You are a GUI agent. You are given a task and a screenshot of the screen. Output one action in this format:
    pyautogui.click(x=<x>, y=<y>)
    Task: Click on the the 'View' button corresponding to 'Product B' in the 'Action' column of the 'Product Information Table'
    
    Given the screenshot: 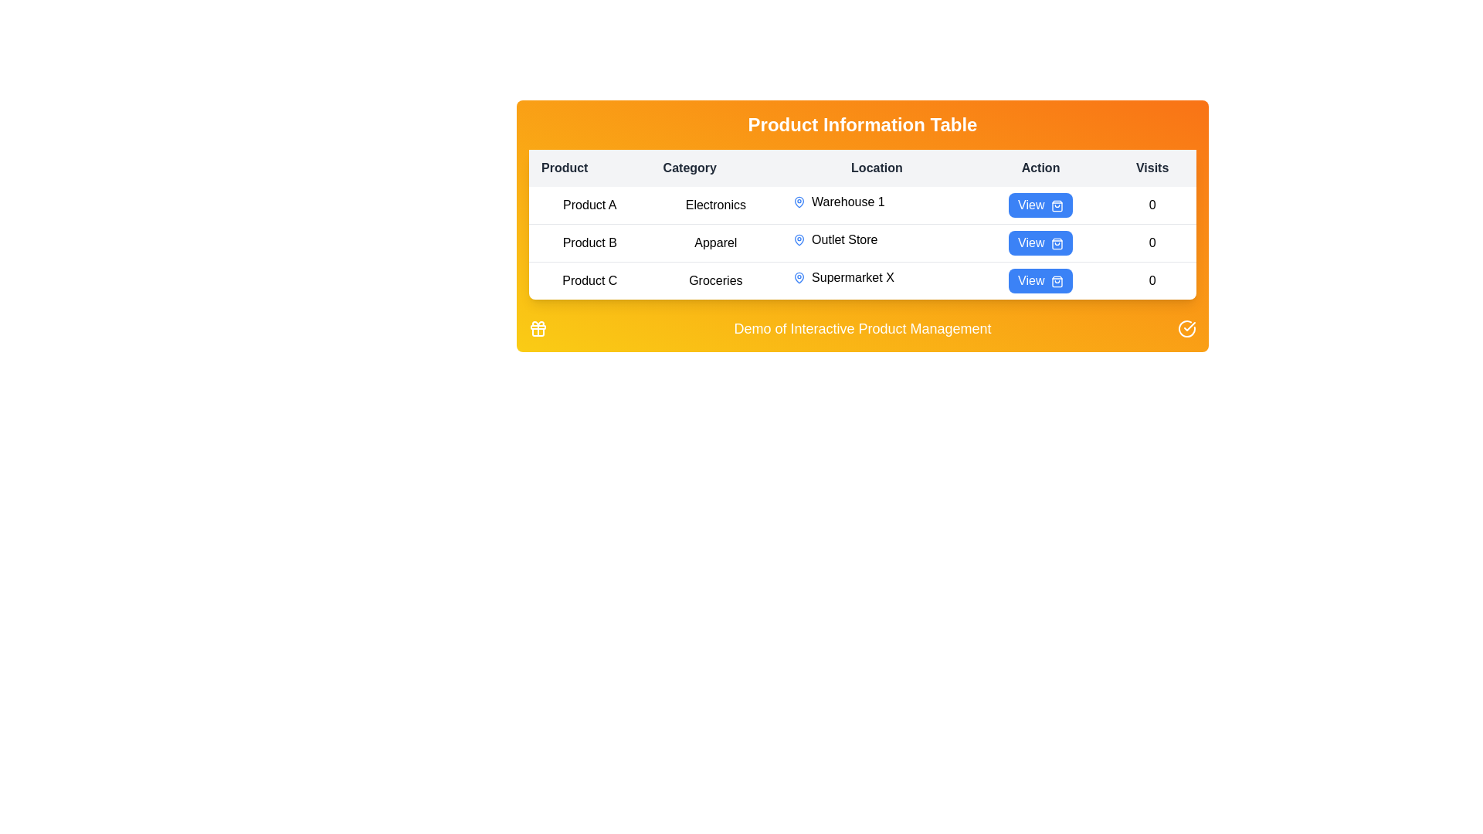 What is the action you would take?
    pyautogui.click(x=1040, y=243)
    